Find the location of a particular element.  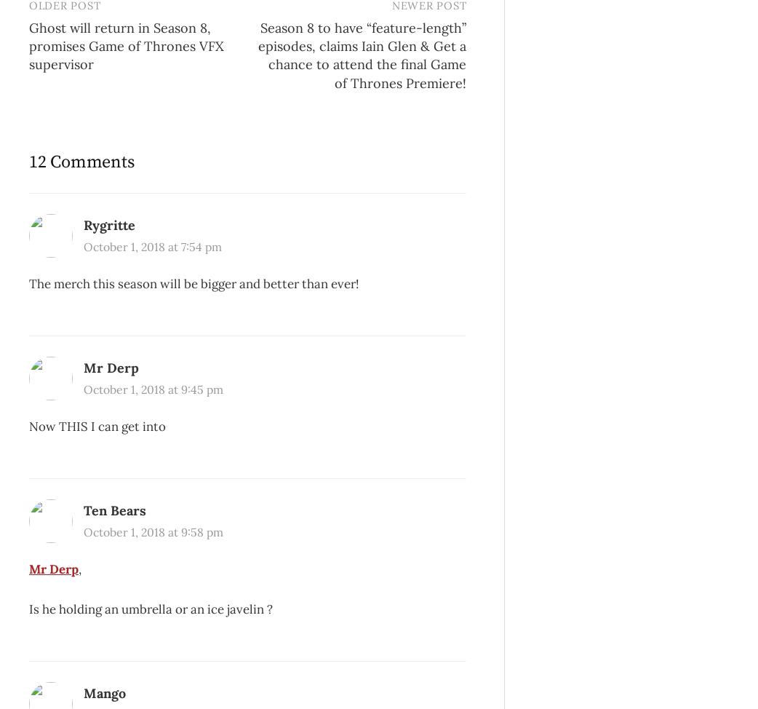

'October 1, 2018 at 9:45 pm' is located at coordinates (153, 389).